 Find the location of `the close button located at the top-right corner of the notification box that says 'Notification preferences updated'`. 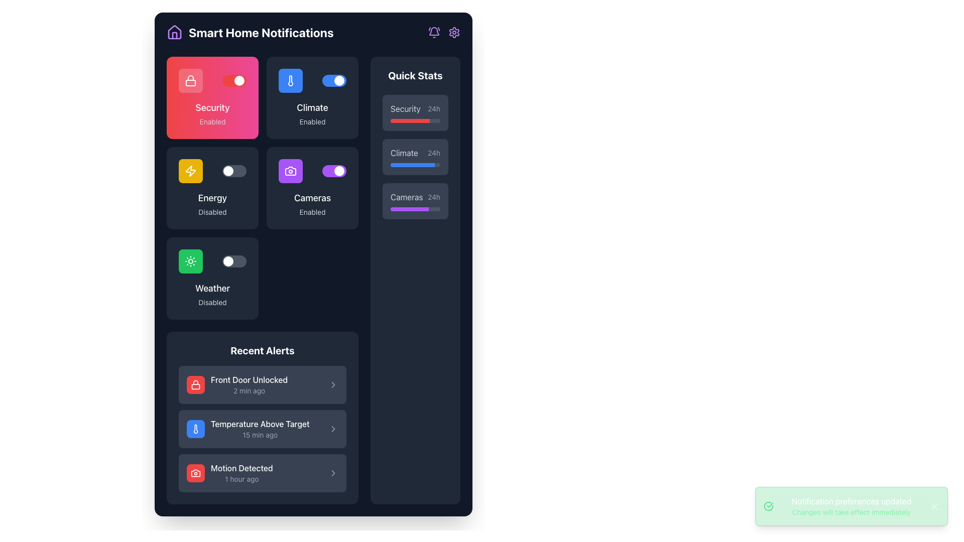

the close button located at the top-right corner of the notification box that says 'Notification preferences updated' is located at coordinates (934, 506).